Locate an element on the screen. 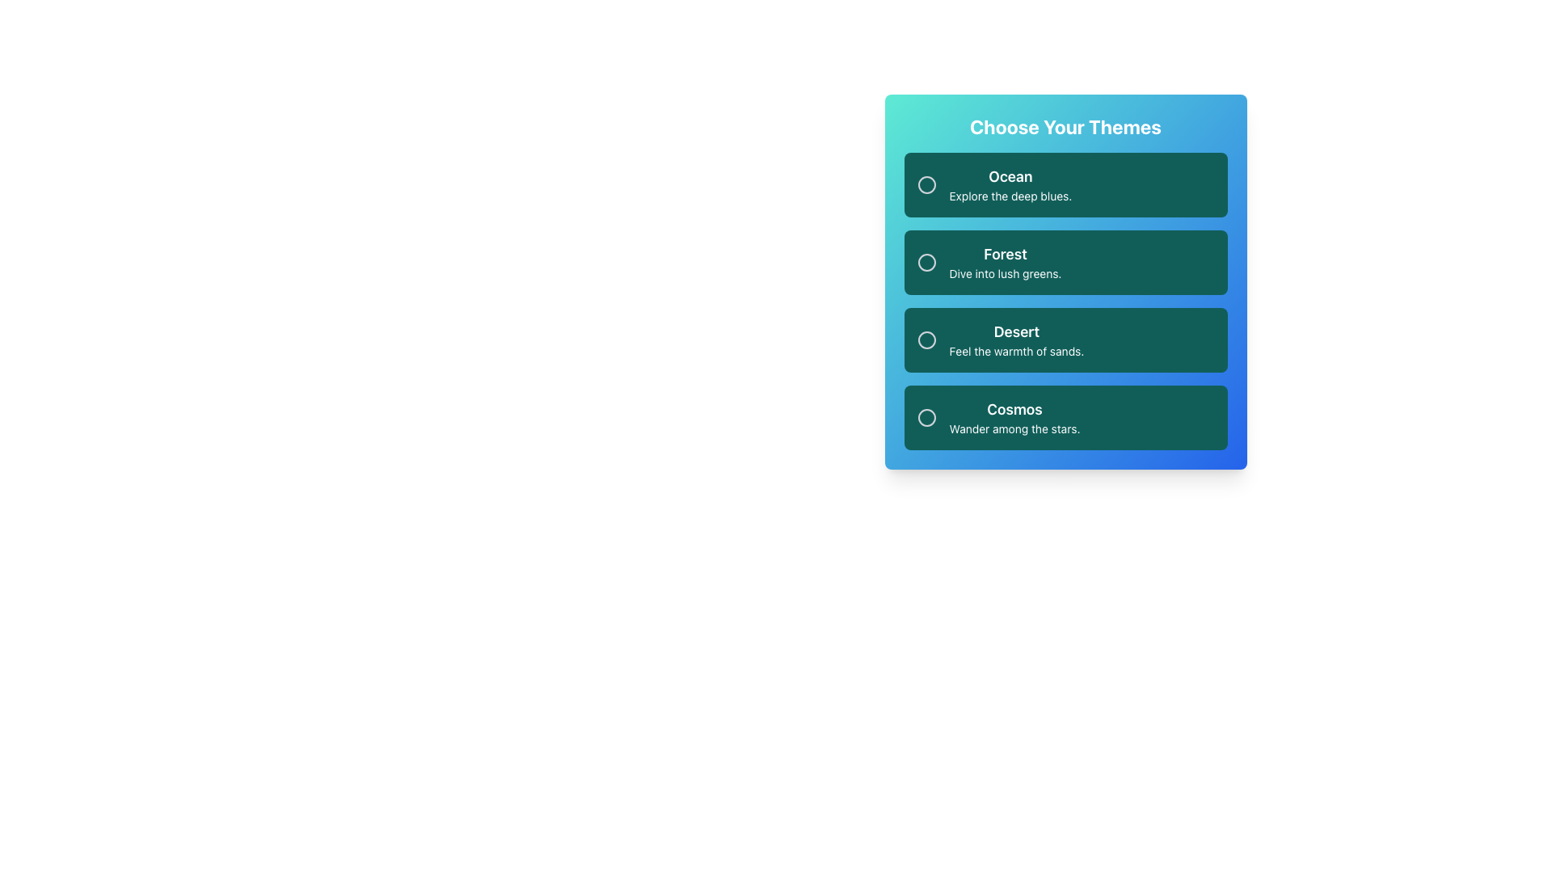  the descriptive text label for the 'Forest' theme selection, located below the prominently styled 'Forest' label is located at coordinates (1004, 273).